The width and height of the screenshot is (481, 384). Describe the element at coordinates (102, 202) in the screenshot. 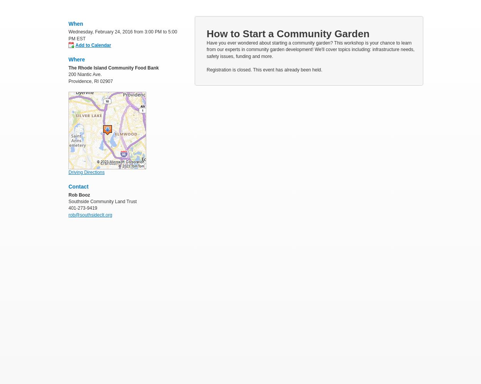

I see `'Southside Community Land Trust'` at that location.